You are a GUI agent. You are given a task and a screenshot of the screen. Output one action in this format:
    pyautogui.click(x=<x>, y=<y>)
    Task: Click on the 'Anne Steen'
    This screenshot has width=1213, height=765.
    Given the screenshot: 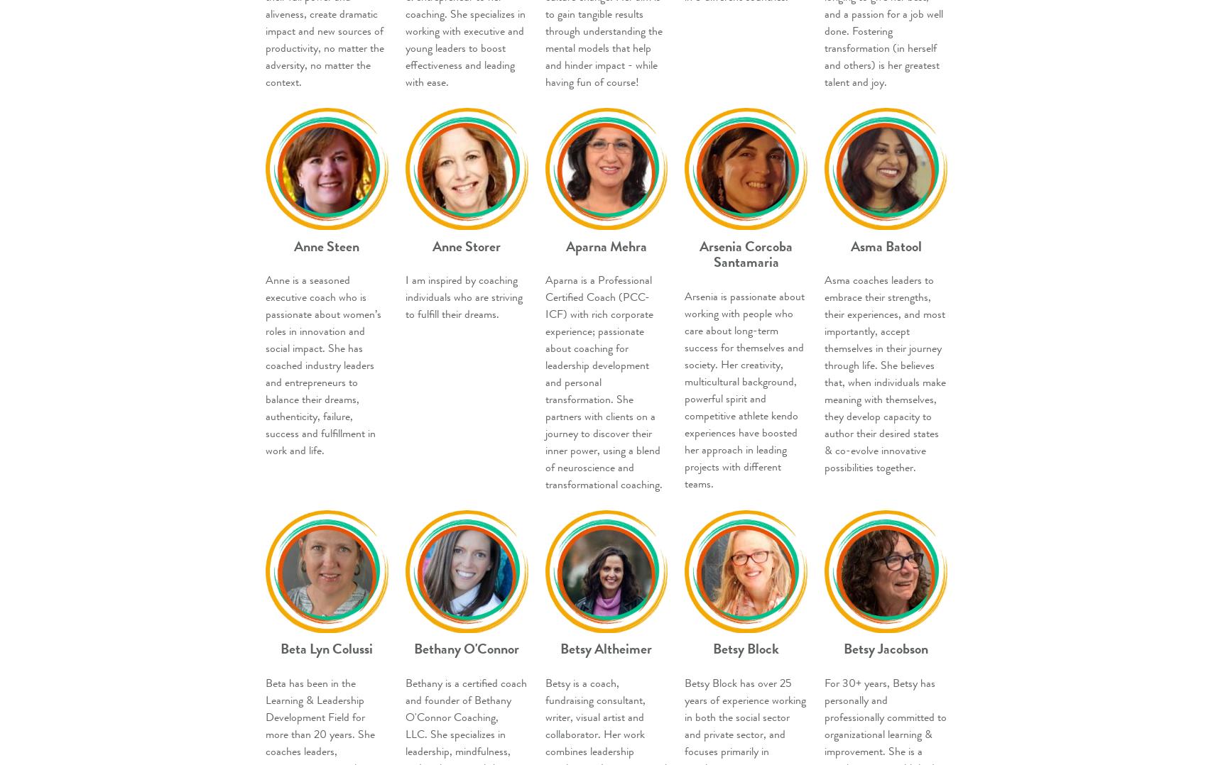 What is the action you would take?
    pyautogui.click(x=294, y=245)
    